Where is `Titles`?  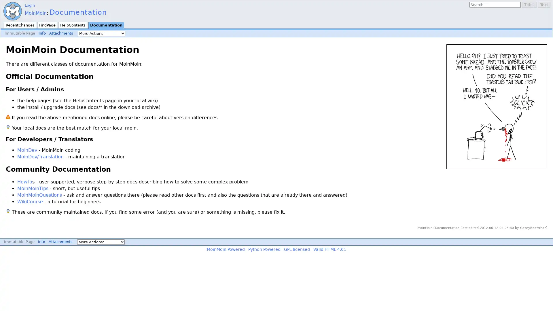
Titles is located at coordinates (529, 5).